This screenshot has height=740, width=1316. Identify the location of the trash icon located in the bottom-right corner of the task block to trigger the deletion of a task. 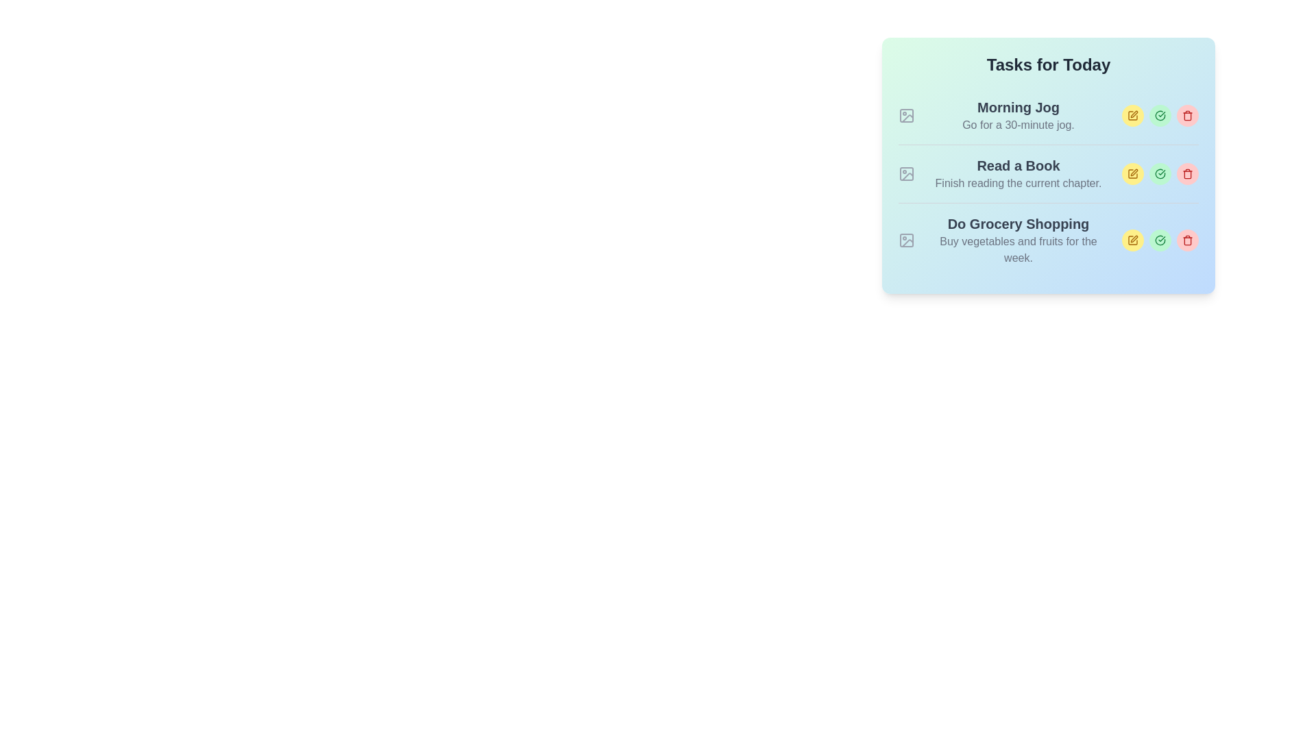
(1186, 240).